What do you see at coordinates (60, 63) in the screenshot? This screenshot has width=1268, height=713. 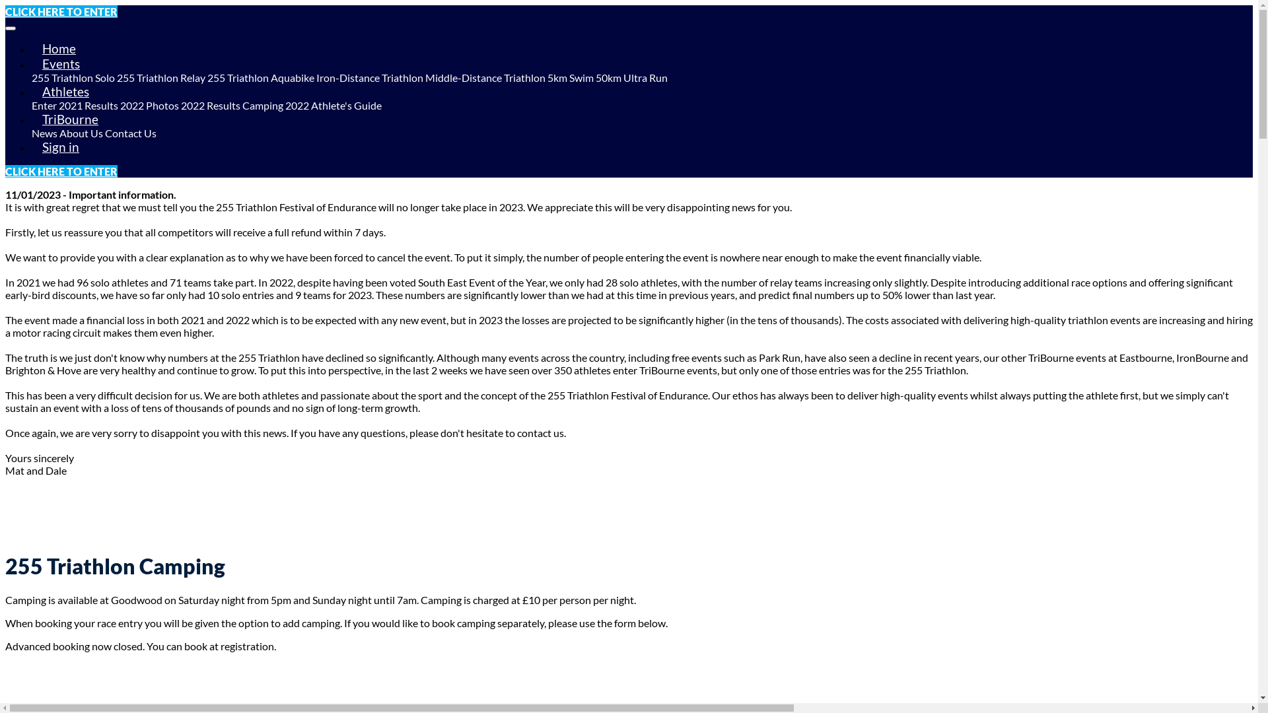 I see `'Events'` at bounding box center [60, 63].